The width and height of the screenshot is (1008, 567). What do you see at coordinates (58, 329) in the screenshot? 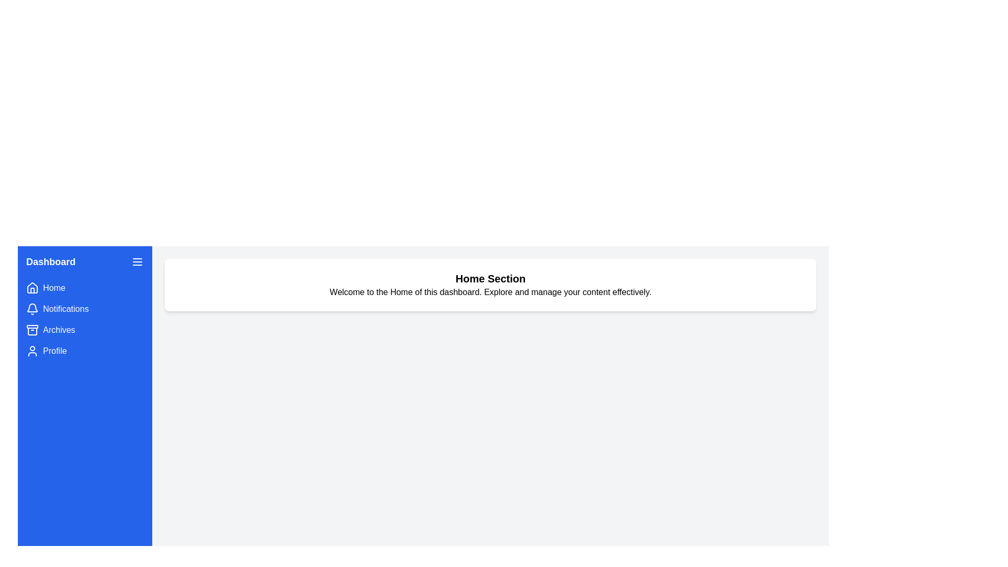
I see `the 'Archives' text label in the vertical navigation menu located in the left sidebar by moving the cursor to its center point` at bounding box center [58, 329].